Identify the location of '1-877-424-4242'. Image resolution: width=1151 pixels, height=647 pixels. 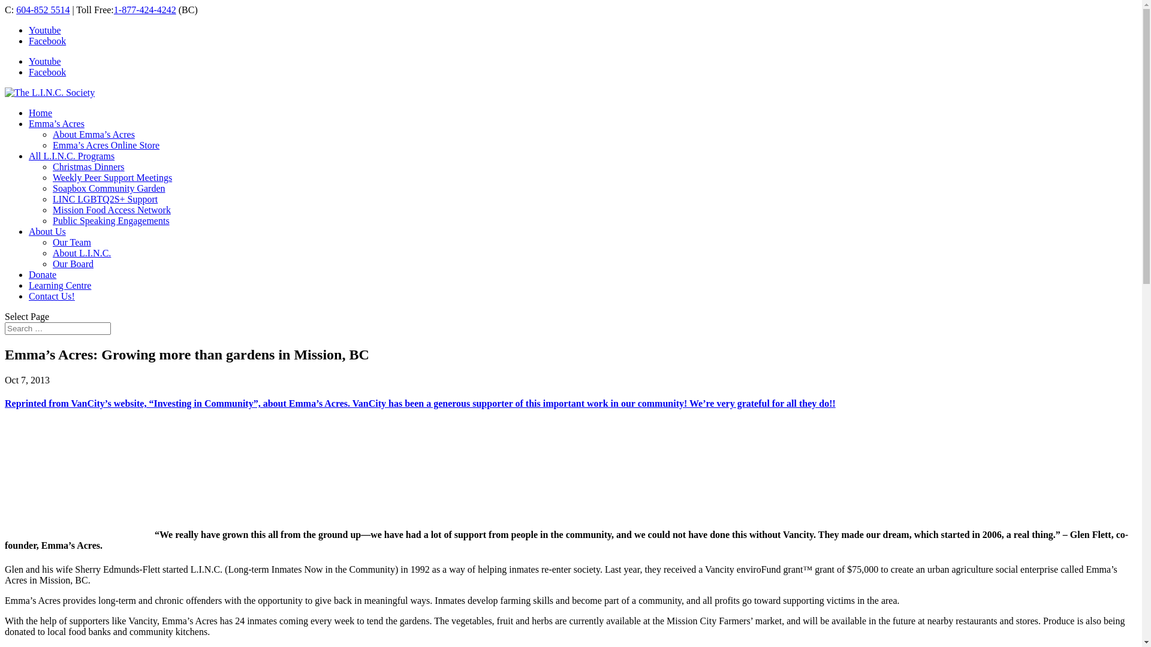
(144, 10).